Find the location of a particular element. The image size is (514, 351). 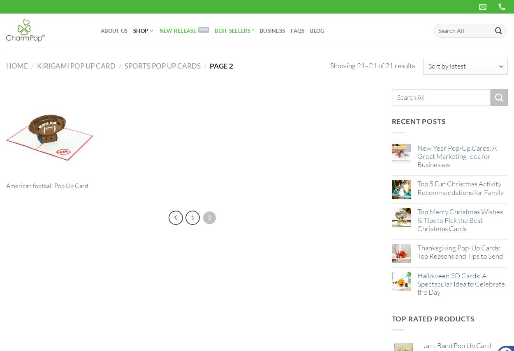

'About Us' is located at coordinates (114, 30).